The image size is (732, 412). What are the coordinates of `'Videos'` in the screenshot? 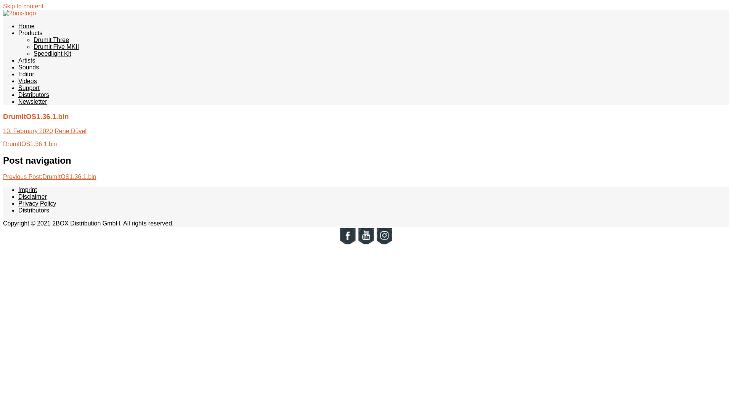 It's located at (27, 81).